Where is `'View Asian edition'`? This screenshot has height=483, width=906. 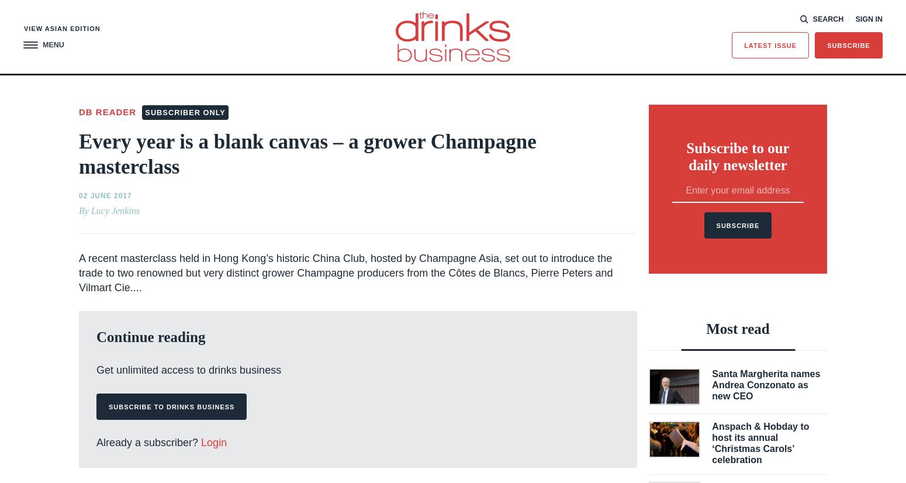 'View Asian edition' is located at coordinates (62, 27).